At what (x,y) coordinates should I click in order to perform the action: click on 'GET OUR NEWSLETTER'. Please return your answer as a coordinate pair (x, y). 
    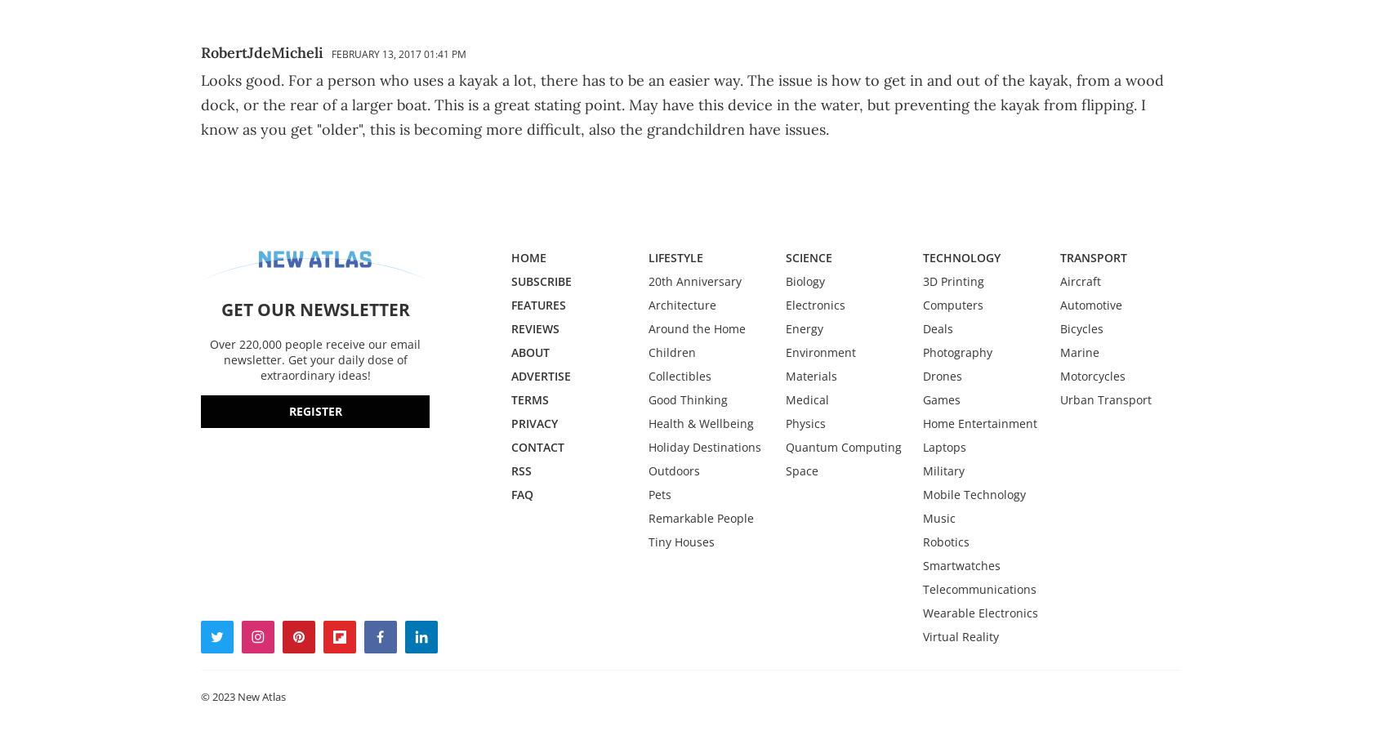
    Looking at the image, I should click on (221, 308).